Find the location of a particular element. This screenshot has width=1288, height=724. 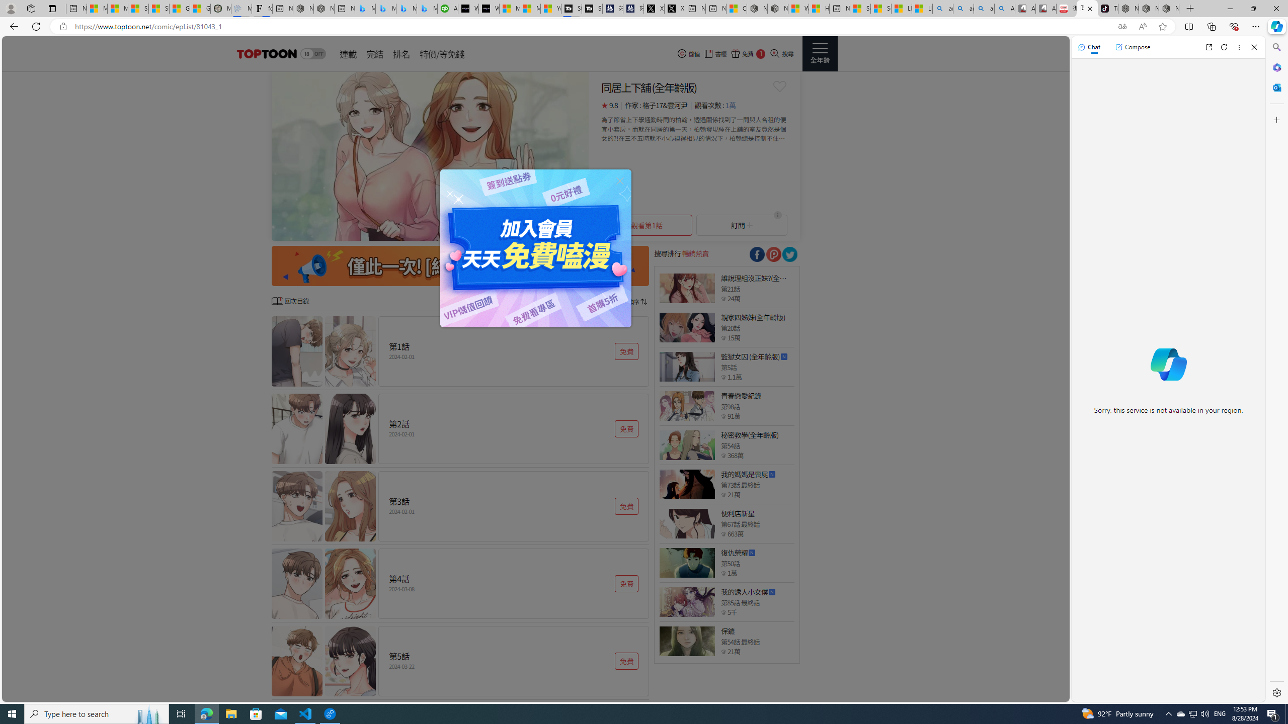

'Side bar' is located at coordinates (1276, 370).